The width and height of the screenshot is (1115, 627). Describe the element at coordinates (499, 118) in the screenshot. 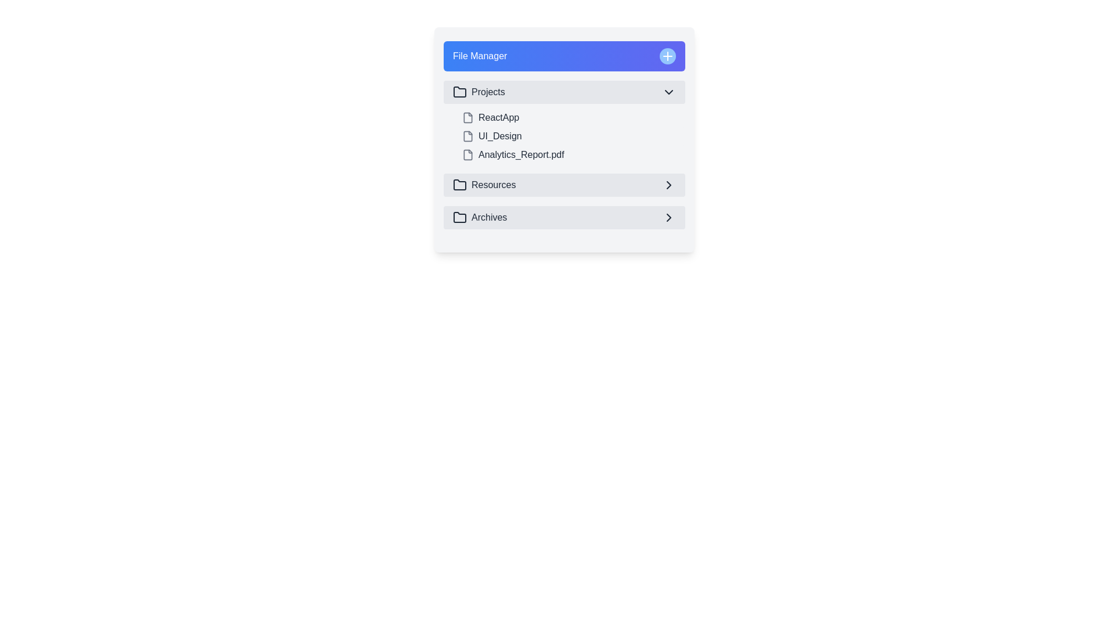

I see `the 'ReactApp' text label associated with a file` at that location.